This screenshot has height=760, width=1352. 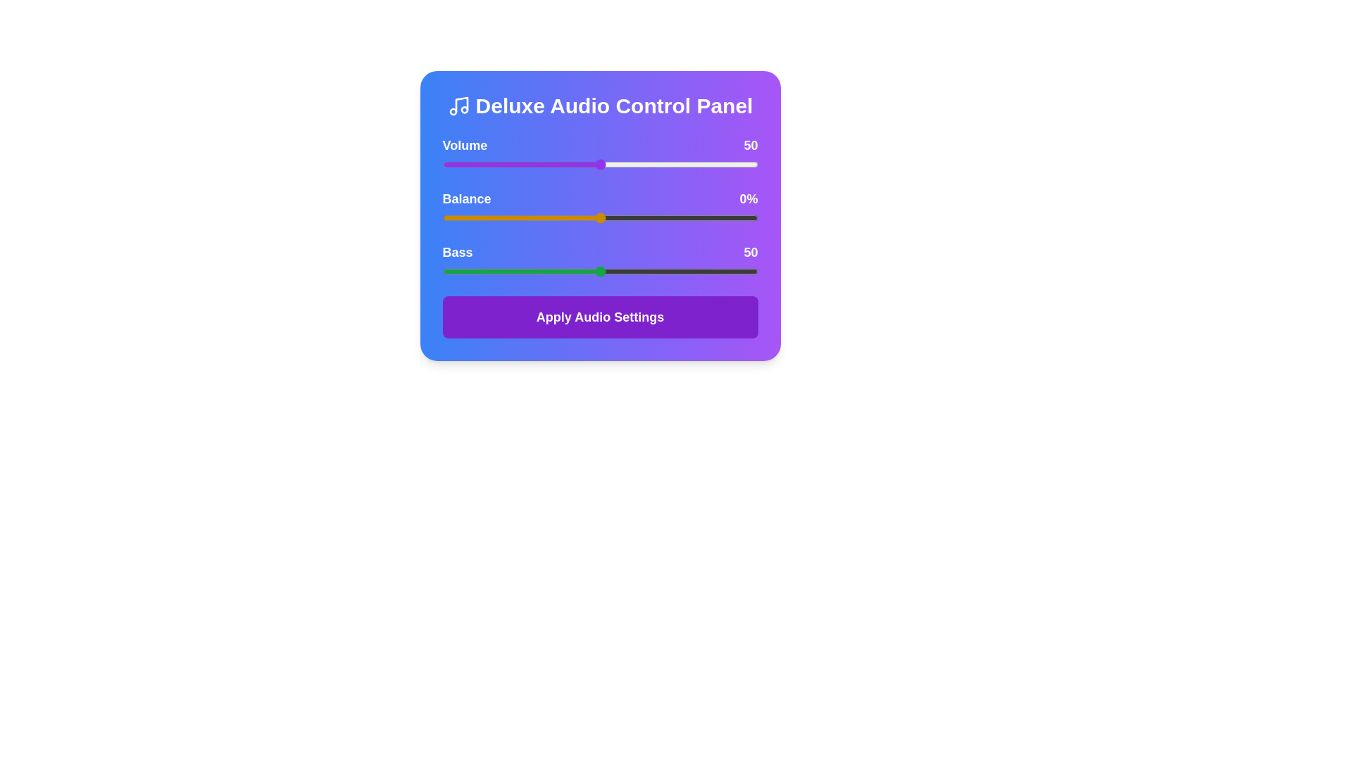 What do you see at coordinates (536, 271) in the screenshot?
I see `bass level` at bounding box center [536, 271].